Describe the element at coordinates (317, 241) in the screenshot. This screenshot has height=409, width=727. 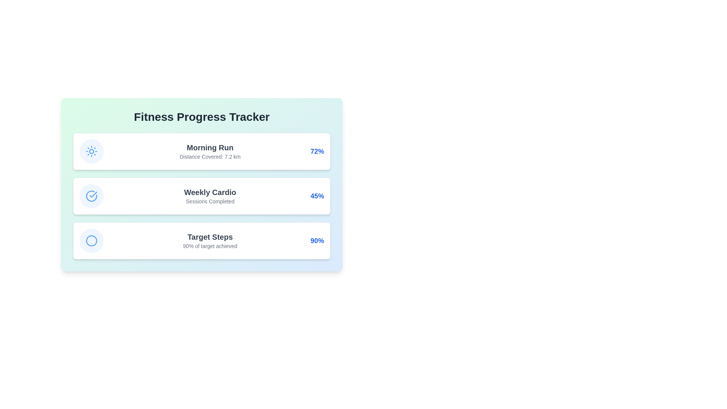
I see `the Text label that indicates the percentage of the target achieved for the 'Target Steps' activity in the 'Fitness Progress Tracker' interface, located to the far right of the 'Target Steps' card` at that location.